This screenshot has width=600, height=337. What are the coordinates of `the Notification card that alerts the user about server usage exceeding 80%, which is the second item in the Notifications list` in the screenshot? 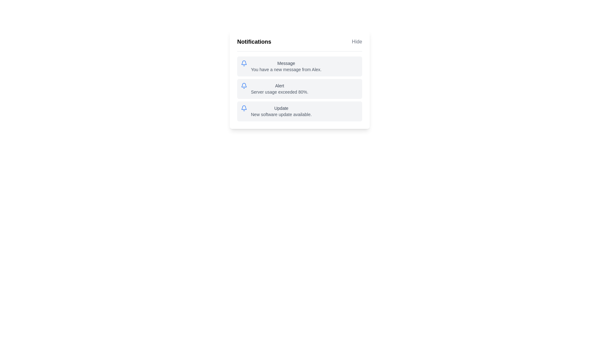 It's located at (299, 89).